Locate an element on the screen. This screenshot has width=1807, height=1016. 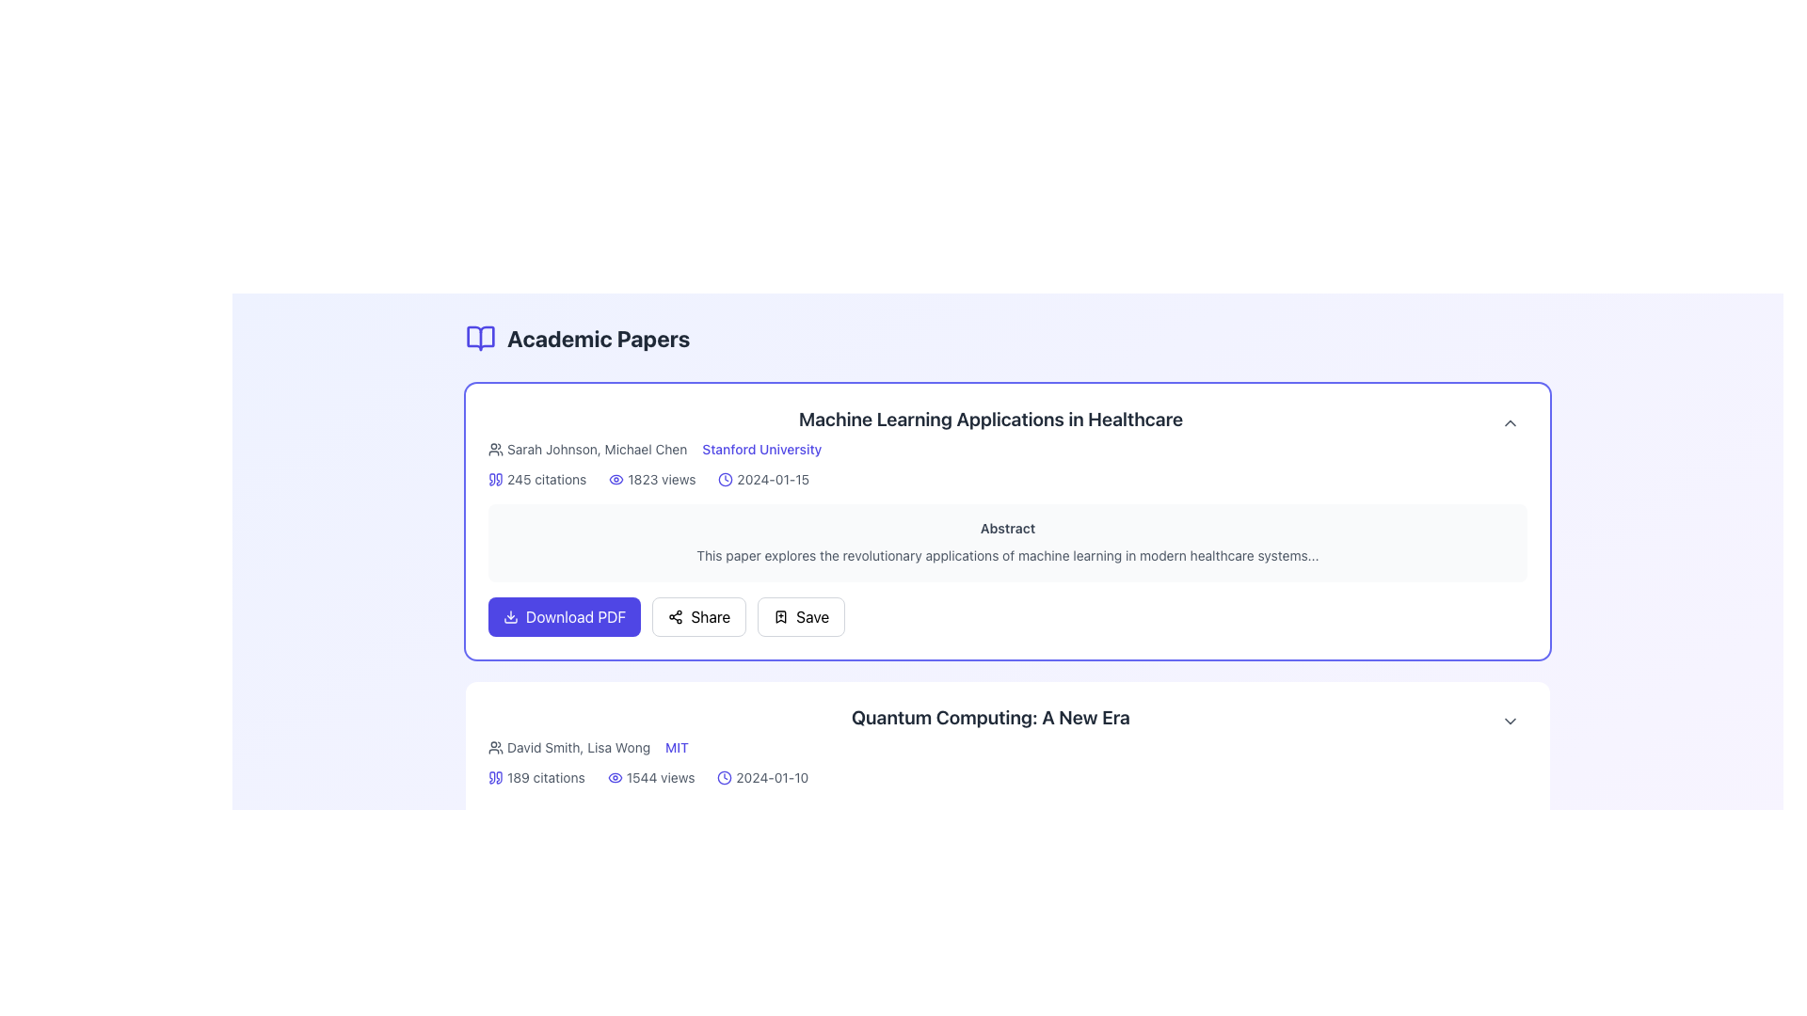
the stylized quote icon located in the citation section of the first academic paper card, which is a decorative element alongside the citation number is located at coordinates (492, 478).